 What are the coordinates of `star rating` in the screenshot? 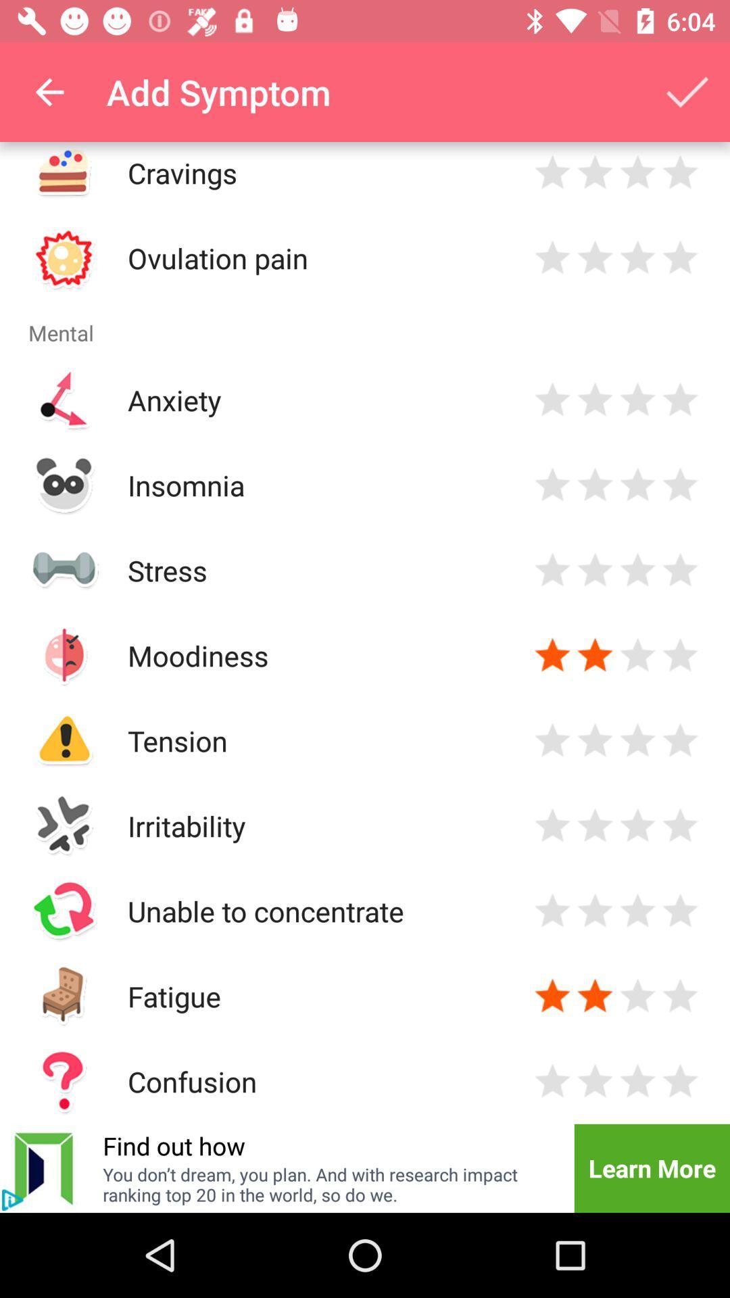 It's located at (552, 655).